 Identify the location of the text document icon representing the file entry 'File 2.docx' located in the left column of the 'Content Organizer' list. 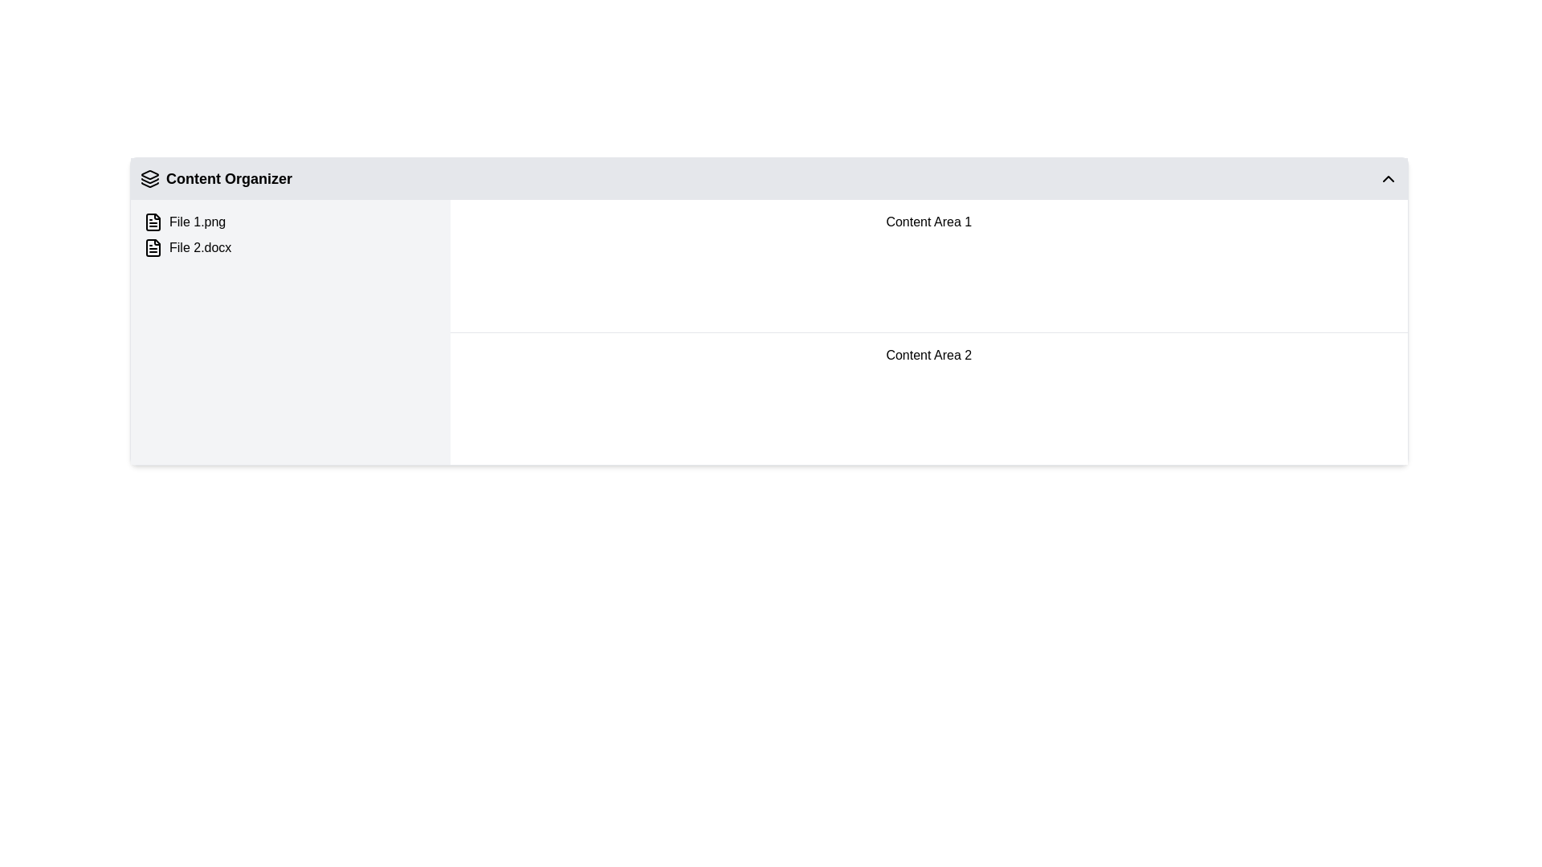
(153, 247).